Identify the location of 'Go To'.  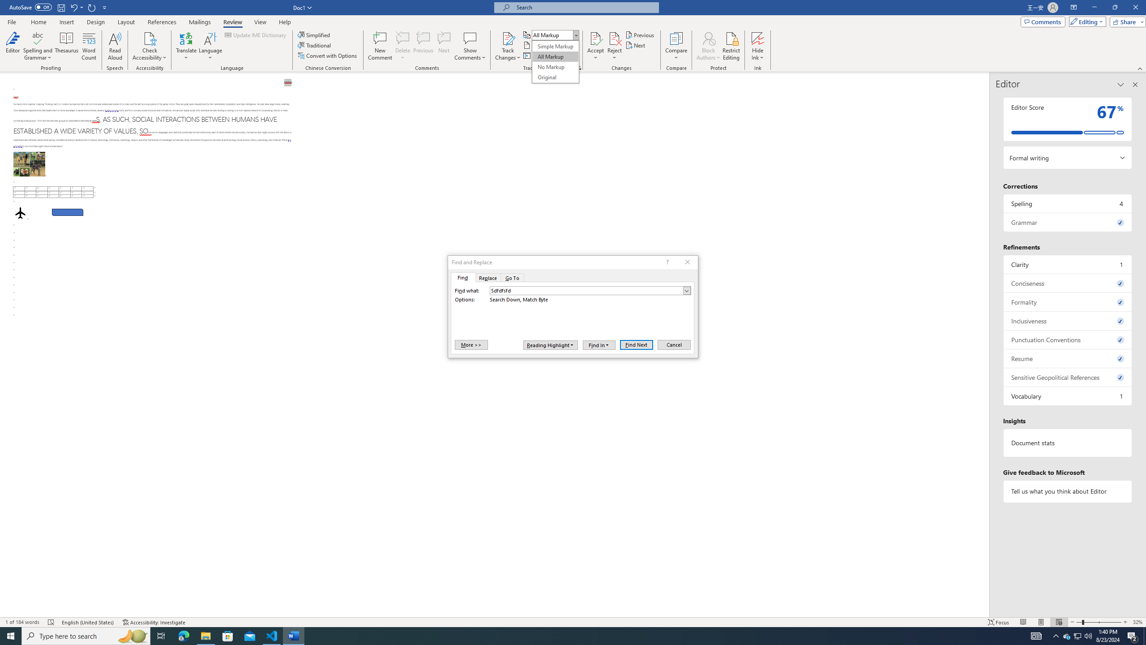
(513, 277).